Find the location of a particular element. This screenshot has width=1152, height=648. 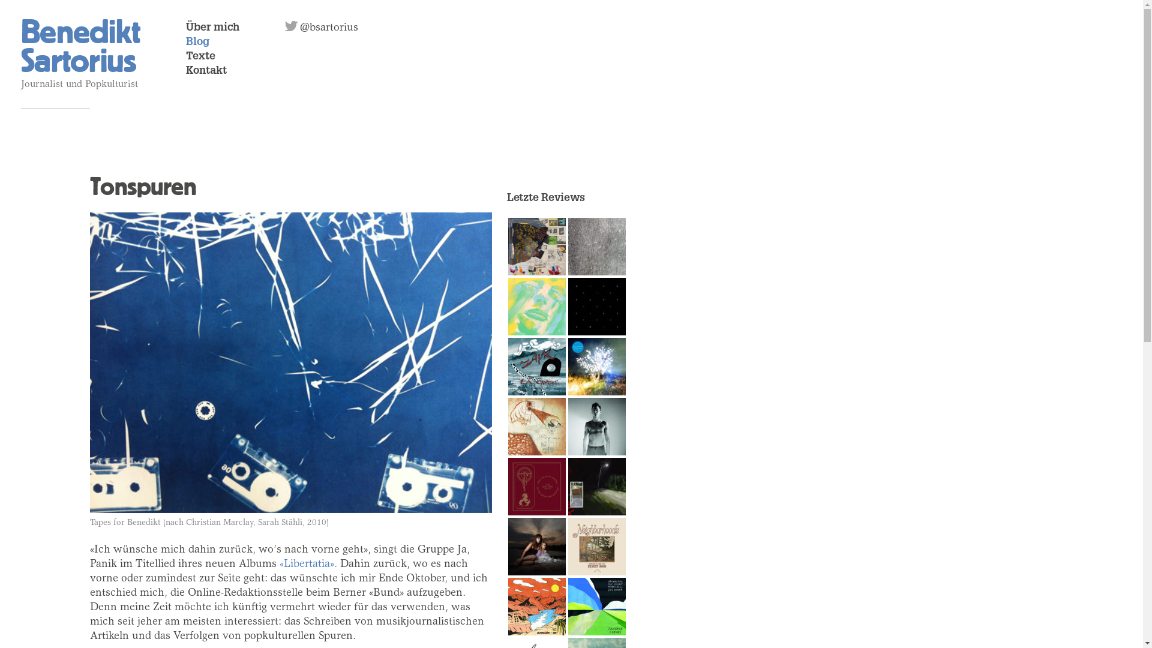

'@bsartorius' is located at coordinates (292, 26).